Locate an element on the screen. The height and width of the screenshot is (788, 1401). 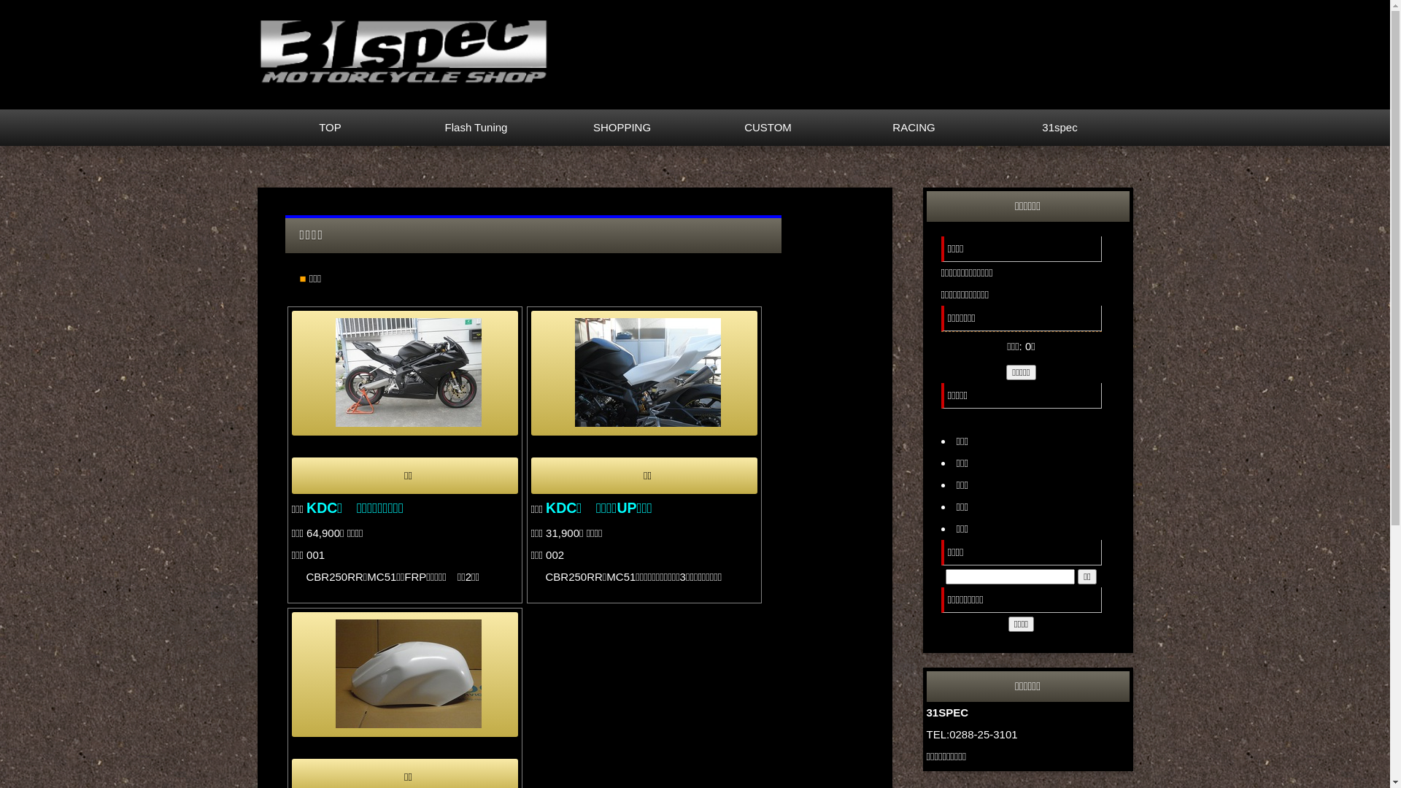
'RACING' is located at coordinates (913, 126).